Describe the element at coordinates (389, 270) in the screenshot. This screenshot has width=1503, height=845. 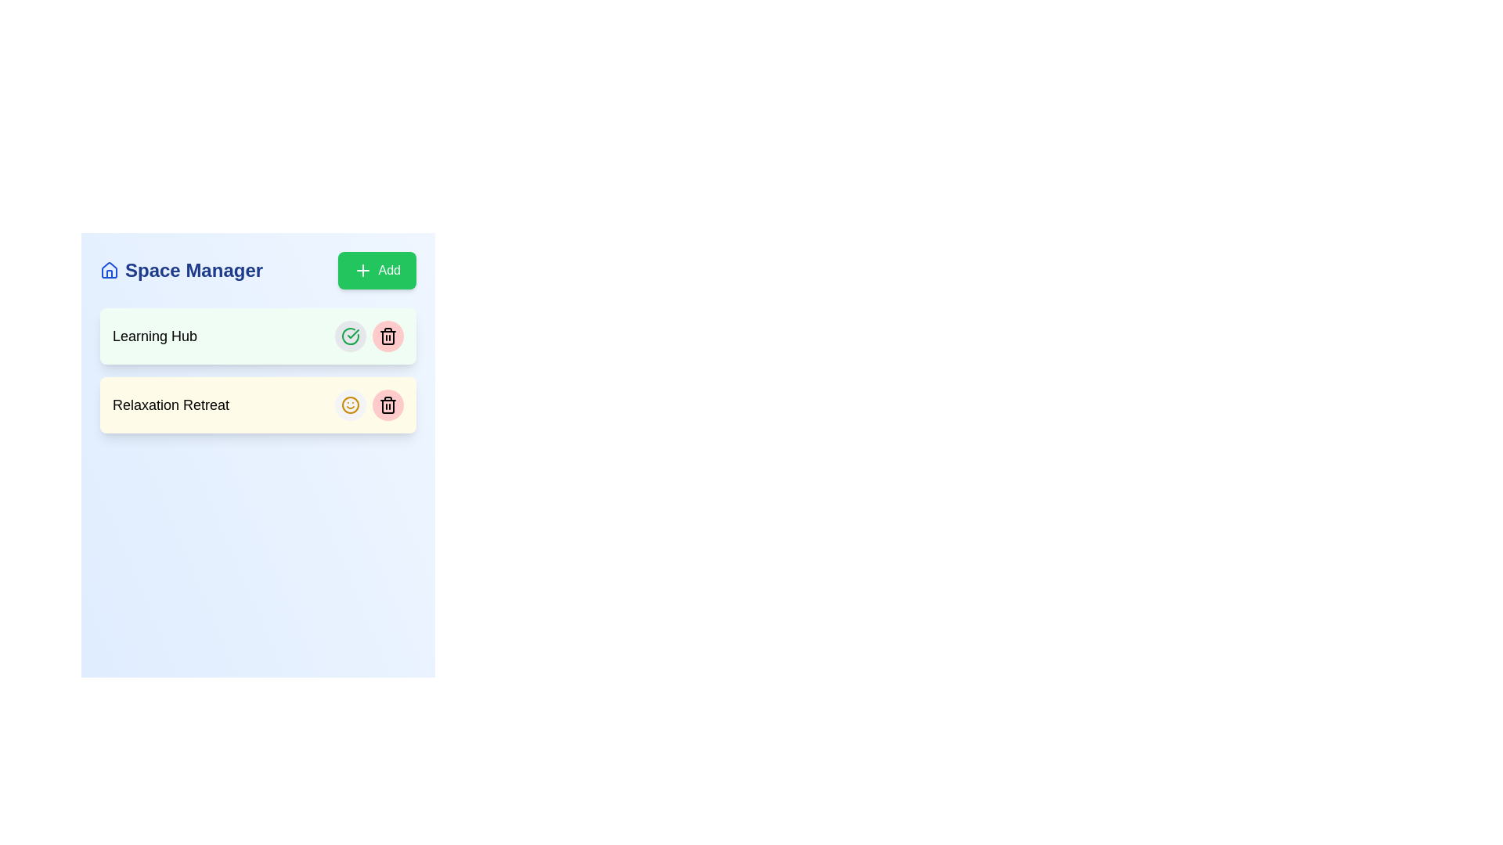
I see `the 'Add' text label within a green button located at the top-right corner of the interface` at that location.